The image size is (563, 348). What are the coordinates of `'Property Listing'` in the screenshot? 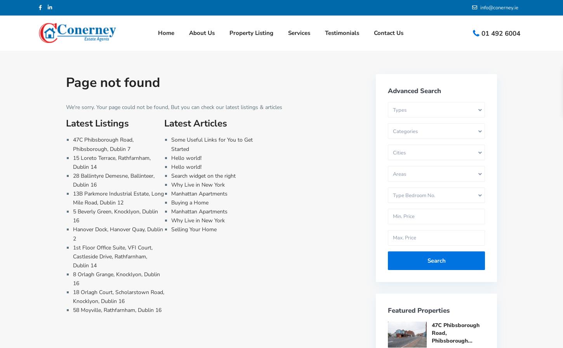 It's located at (250, 33).